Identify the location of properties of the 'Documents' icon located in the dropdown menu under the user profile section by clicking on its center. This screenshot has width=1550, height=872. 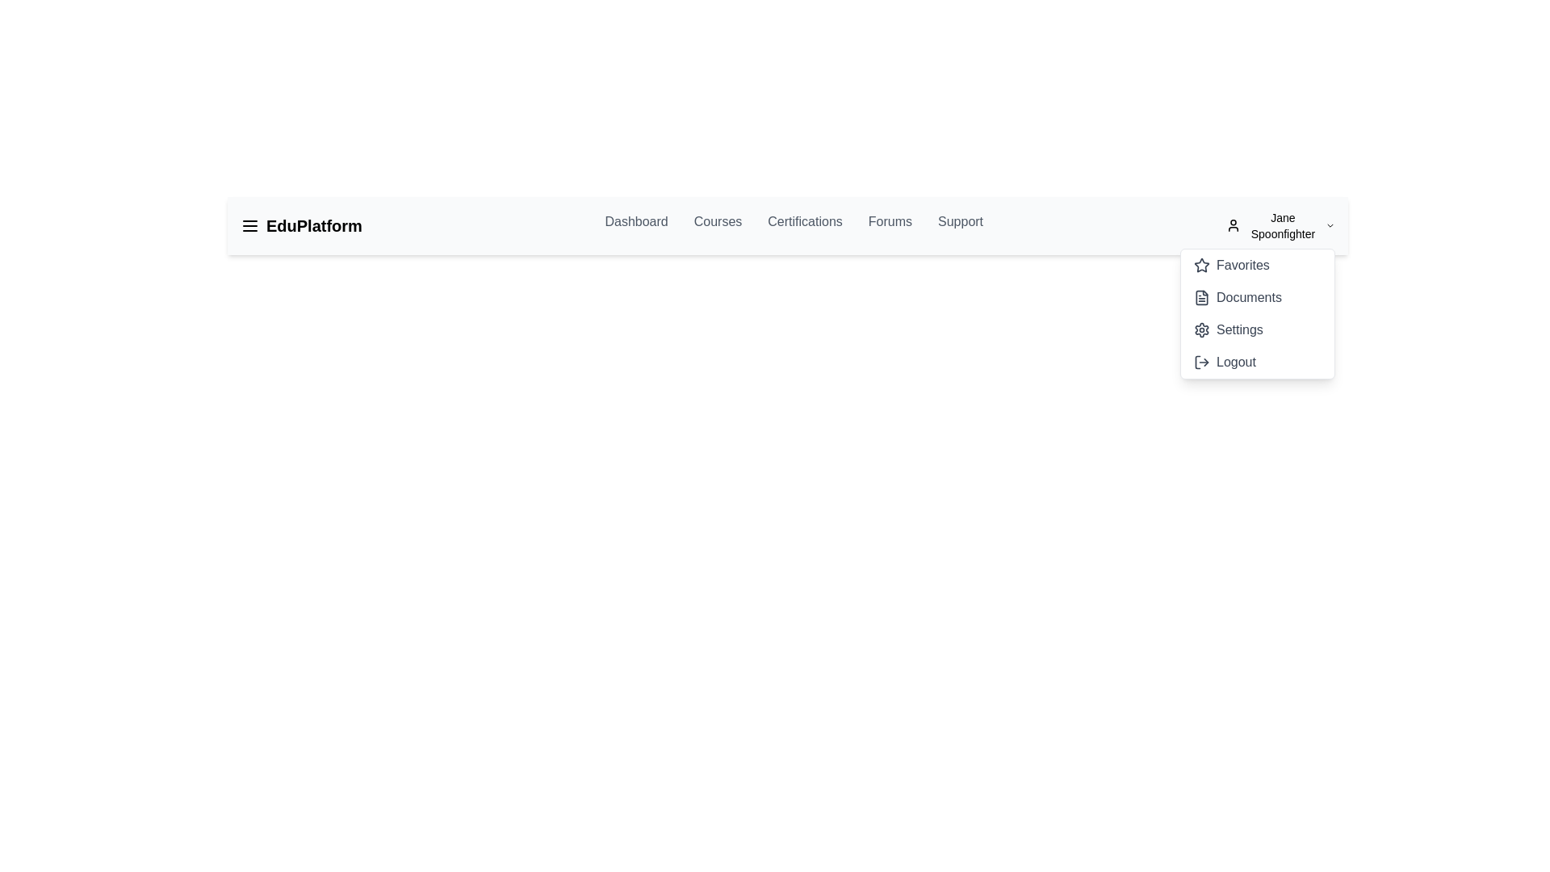
(1201, 298).